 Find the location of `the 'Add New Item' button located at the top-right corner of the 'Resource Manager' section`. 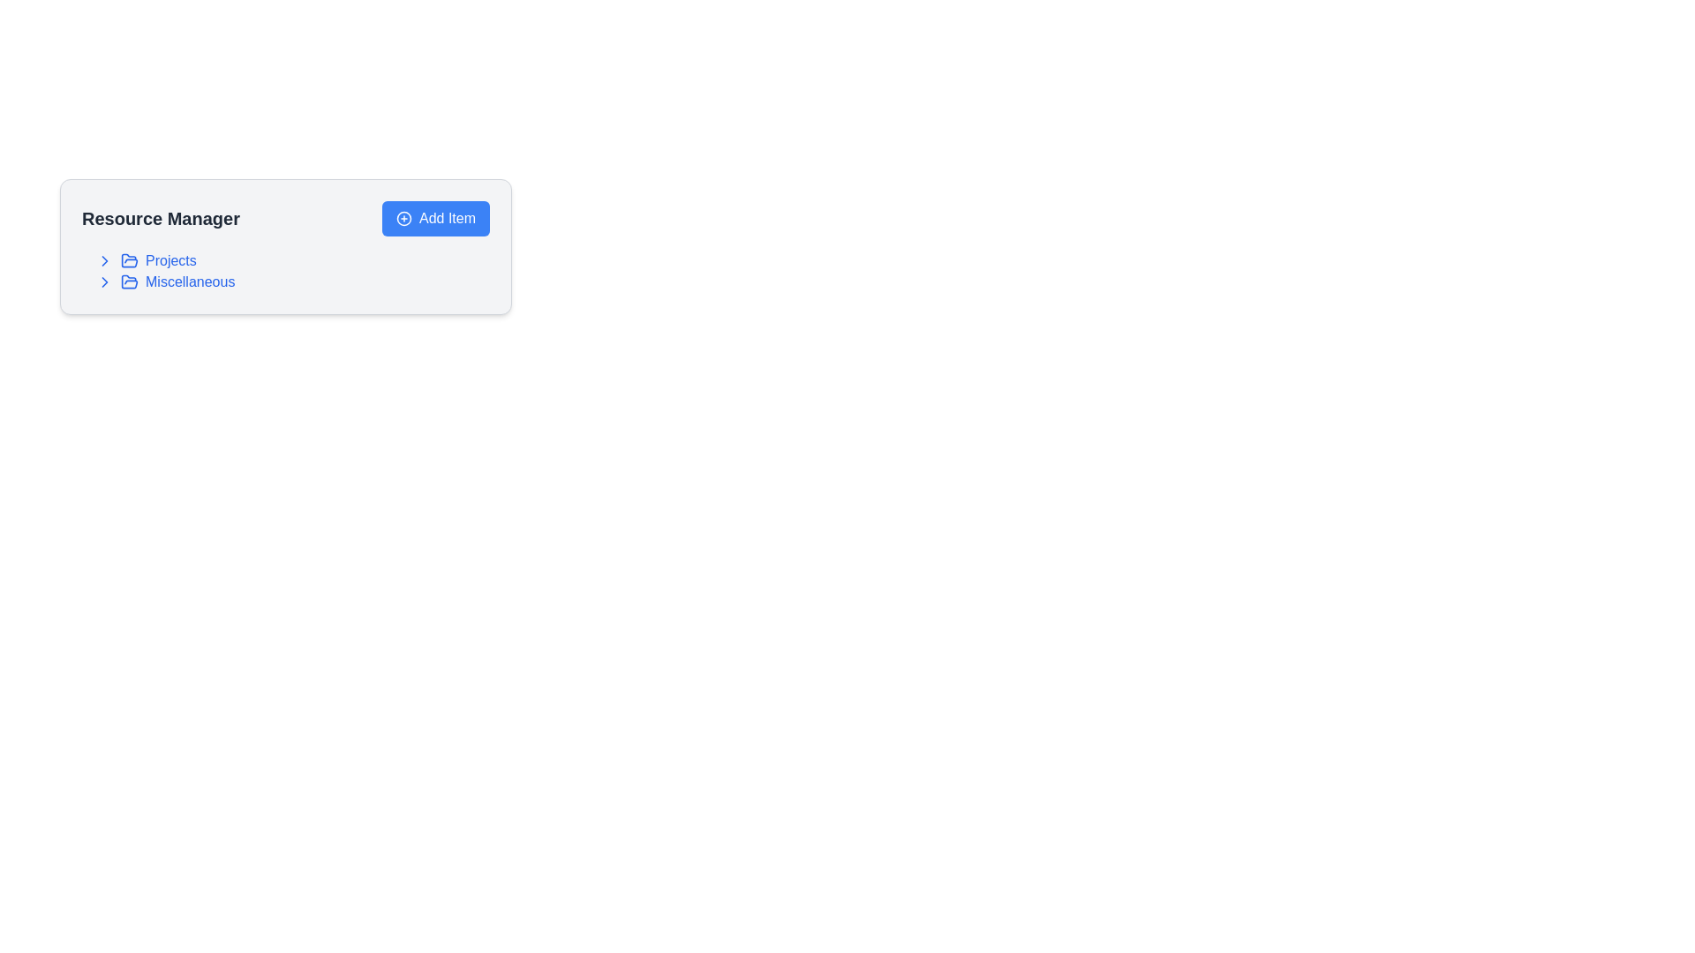

the 'Add New Item' button located at the top-right corner of the 'Resource Manager' section is located at coordinates (436, 217).